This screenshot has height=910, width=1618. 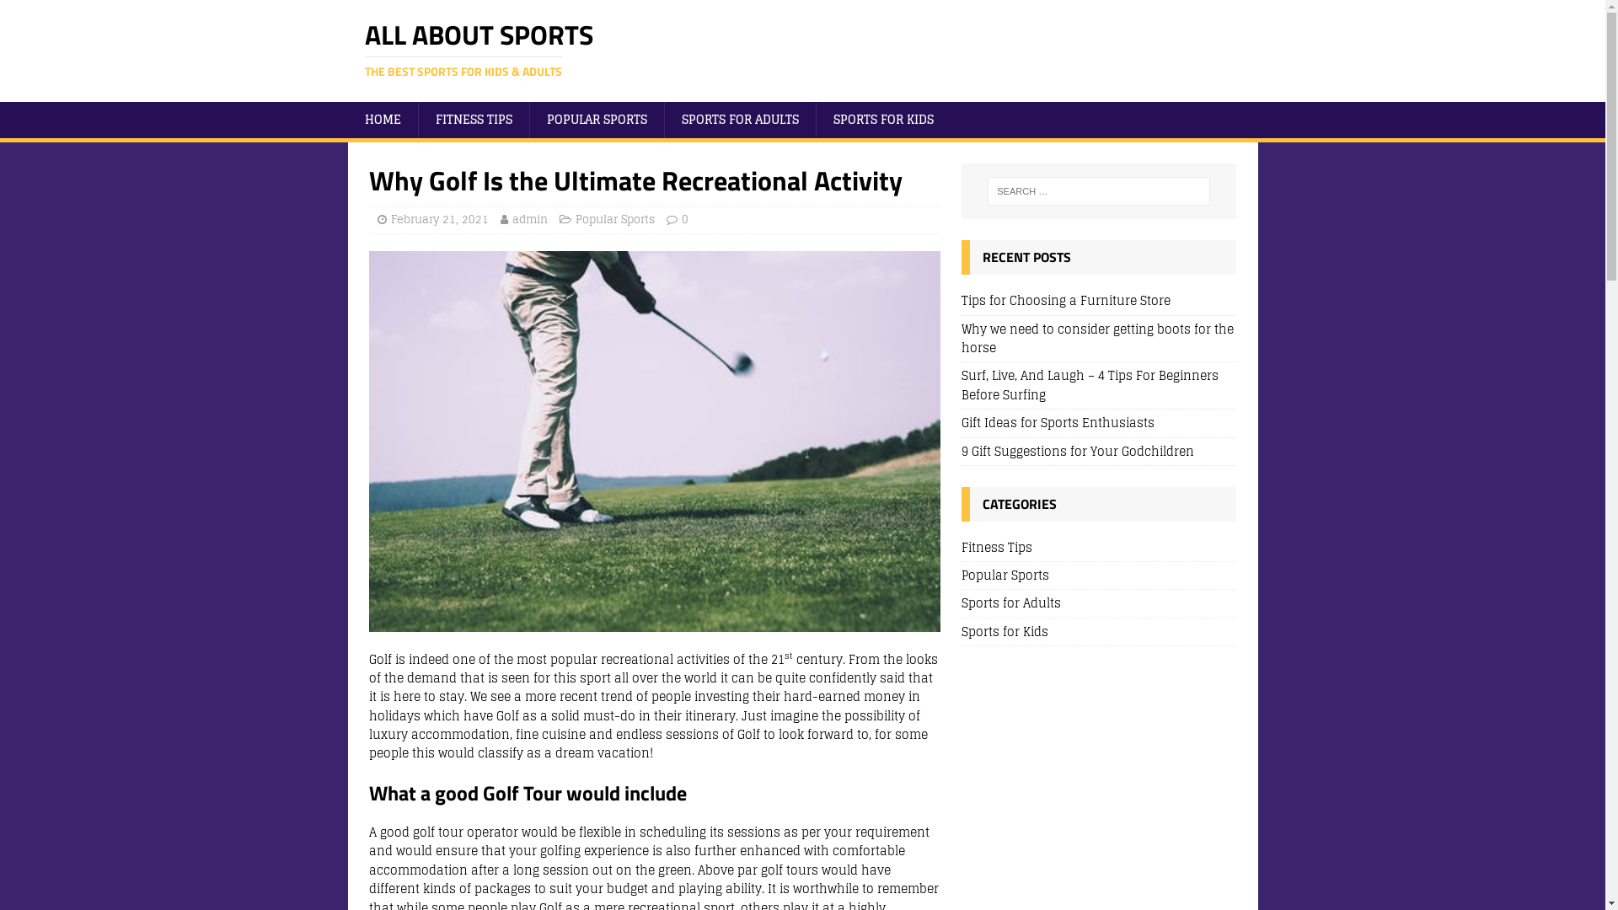 What do you see at coordinates (1099, 549) in the screenshot?
I see `'Fitness Tips'` at bounding box center [1099, 549].